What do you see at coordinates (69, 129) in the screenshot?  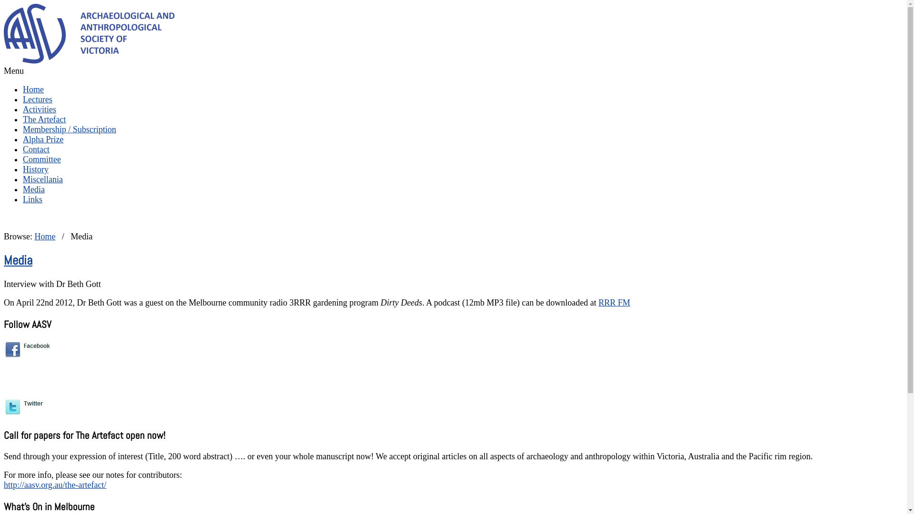 I see `'Membership / Subscription'` at bounding box center [69, 129].